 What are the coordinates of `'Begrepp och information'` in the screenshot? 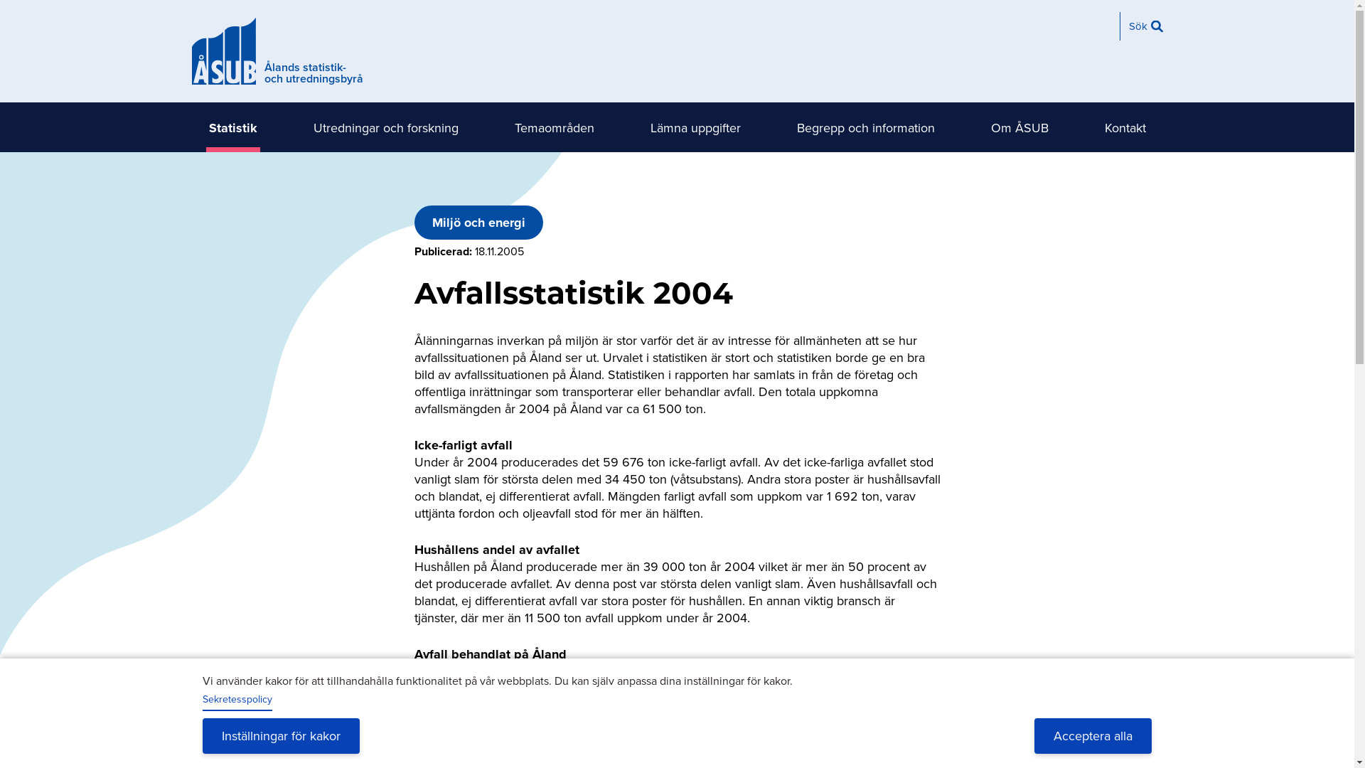 It's located at (864, 126).